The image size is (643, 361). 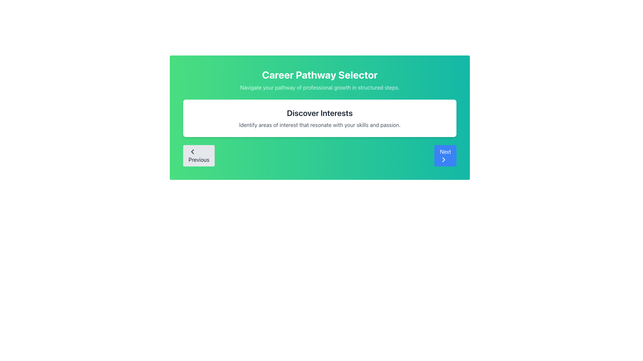 What do you see at coordinates (319, 75) in the screenshot?
I see `the header text indicating 'Career Pathway Selector', which is centrally positioned at the top of the interface` at bounding box center [319, 75].